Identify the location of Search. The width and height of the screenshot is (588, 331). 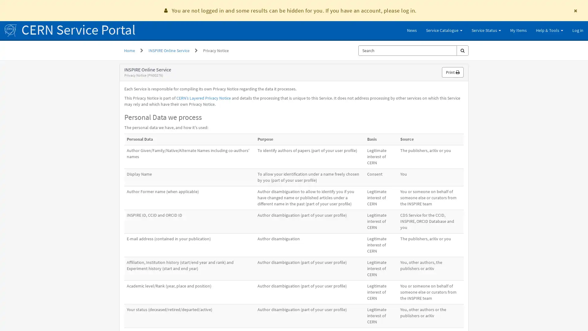
(462, 50).